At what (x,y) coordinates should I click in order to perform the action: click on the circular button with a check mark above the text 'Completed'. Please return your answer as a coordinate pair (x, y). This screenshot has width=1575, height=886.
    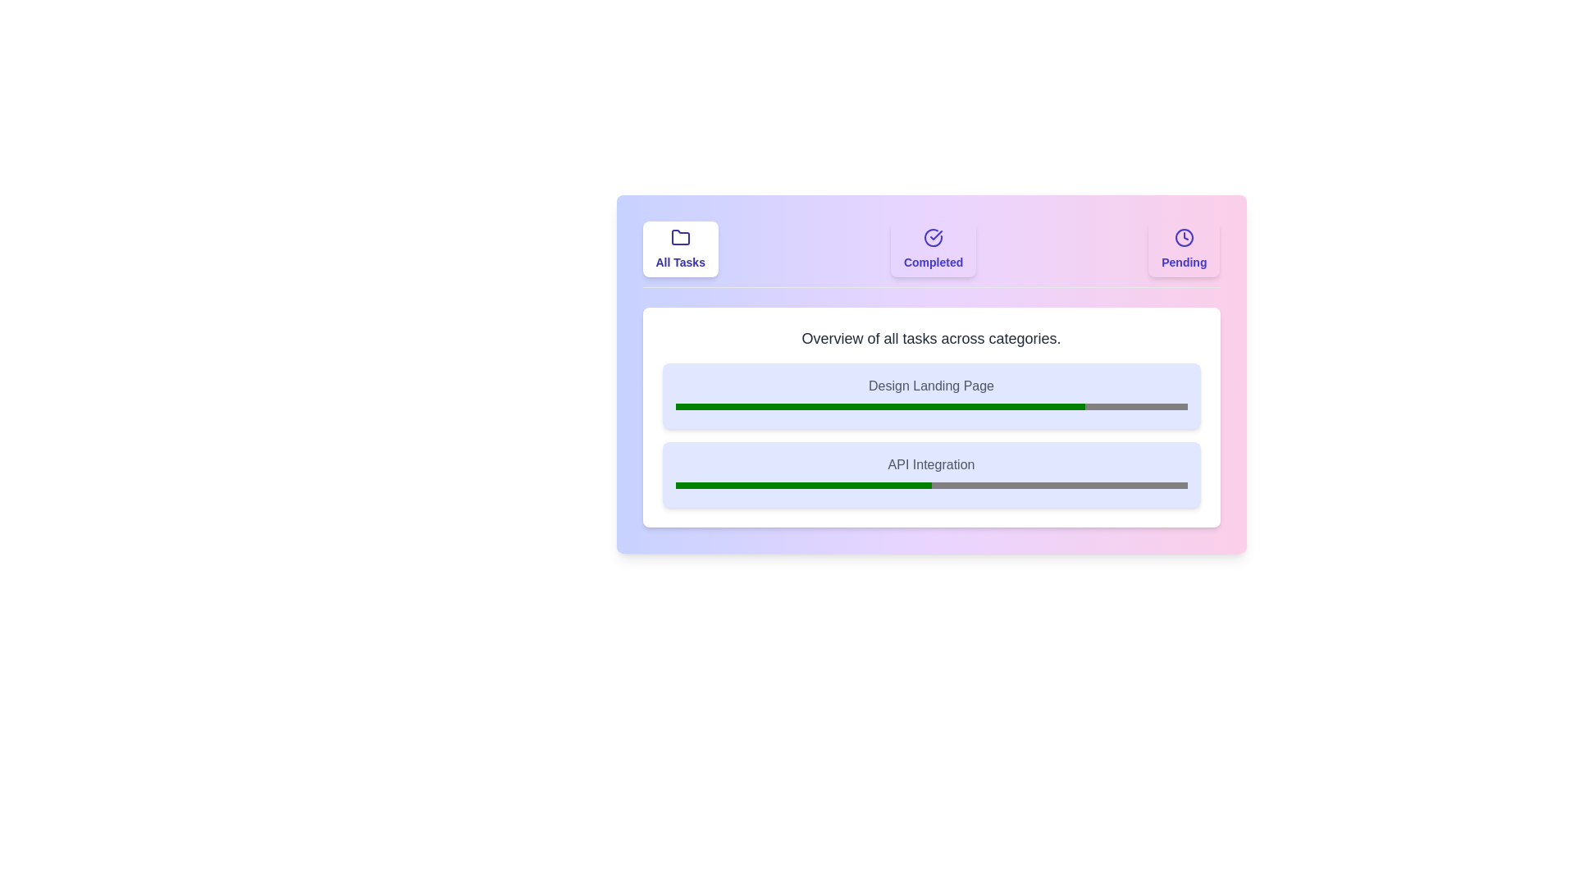
    Looking at the image, I should click on (934, 249).